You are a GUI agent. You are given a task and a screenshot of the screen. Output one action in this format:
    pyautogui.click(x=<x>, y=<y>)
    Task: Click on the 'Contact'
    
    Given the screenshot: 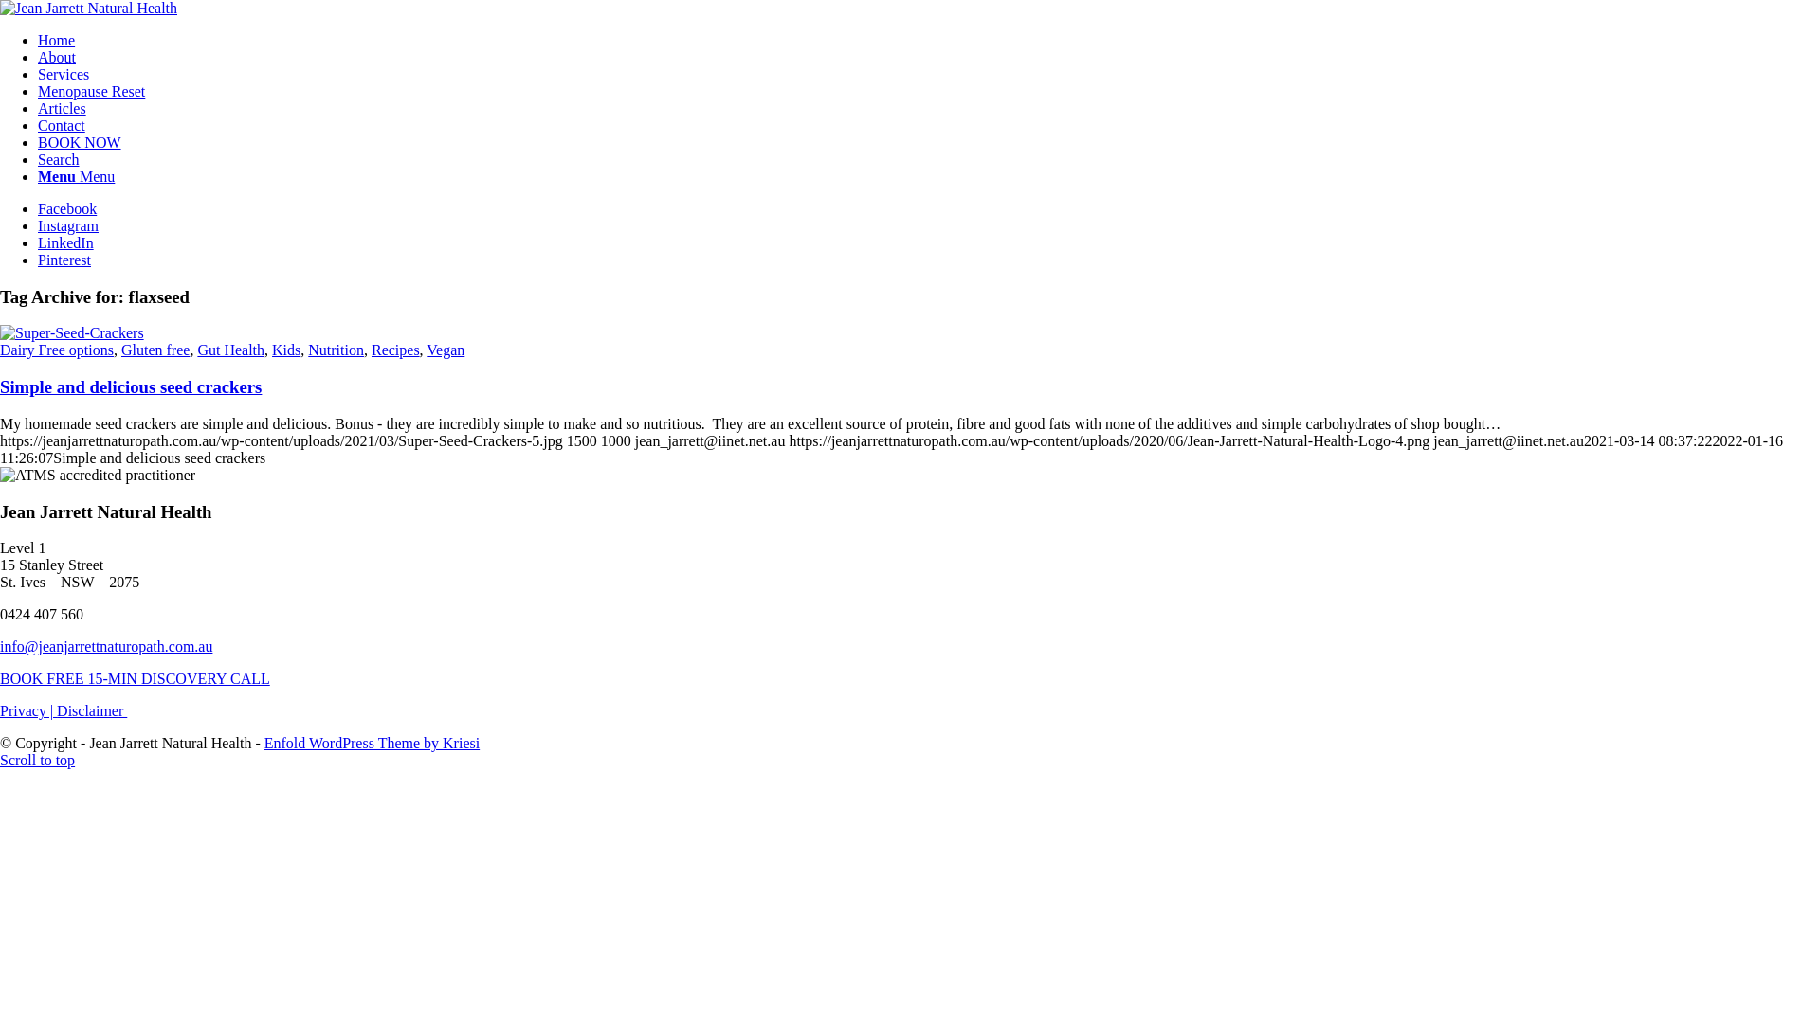 What is the action you would take?
    pyautogui.click(x=62, y=125)
    